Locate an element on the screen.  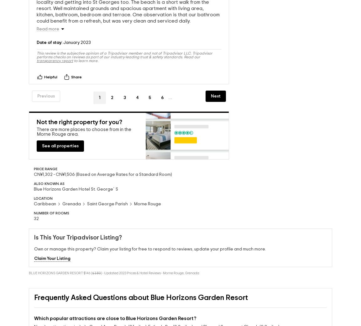
'Date of stay:' is located at coordinates (50, 44).